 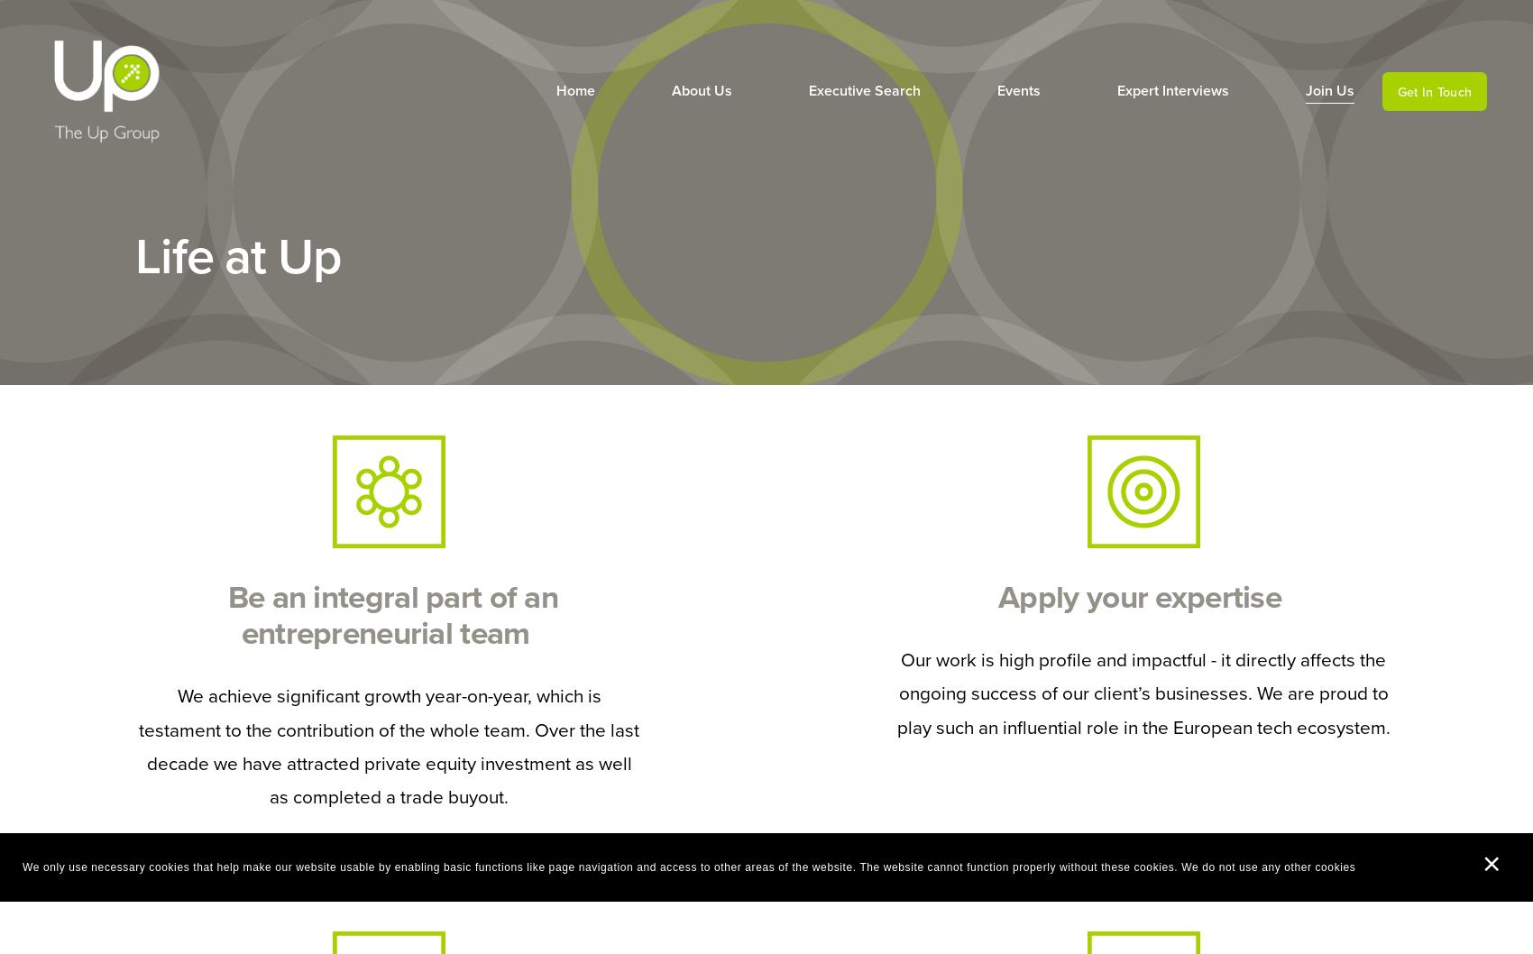 I want to click on 'Benefits', so click(x=1299, y=143).